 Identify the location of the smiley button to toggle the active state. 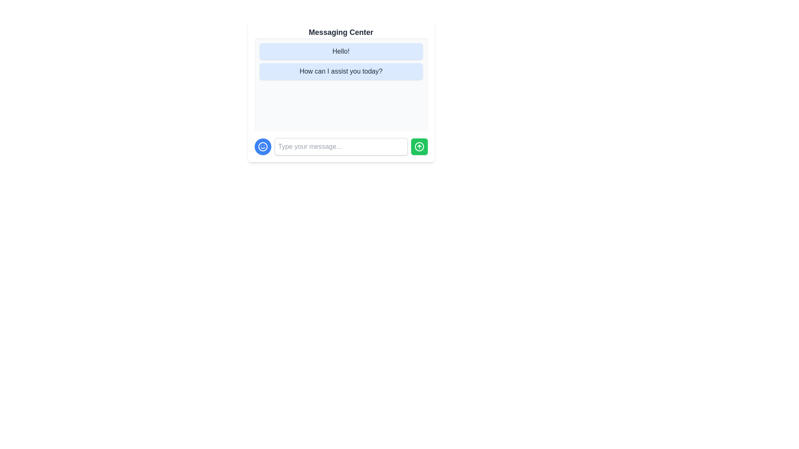
(262, 146).